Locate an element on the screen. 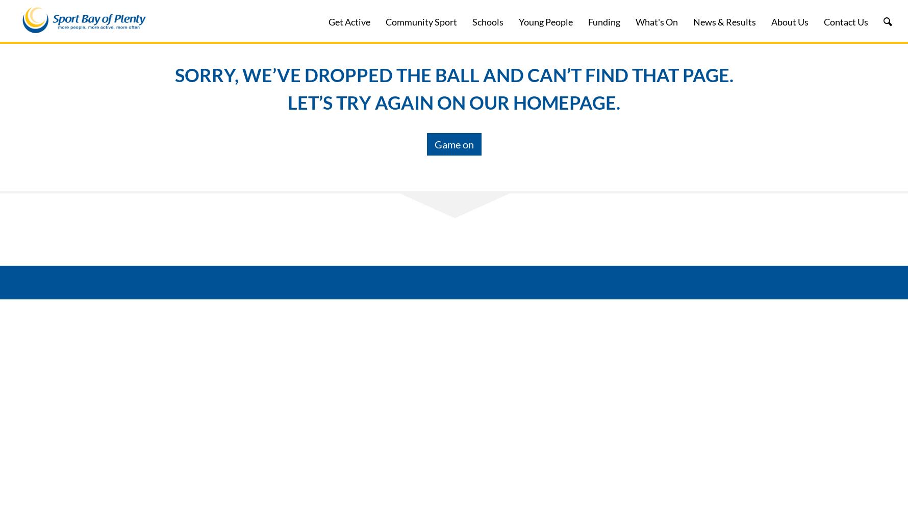 The width and height of the screenshot is (908, 510). 'About Us' is located at coordinates (771, 22).